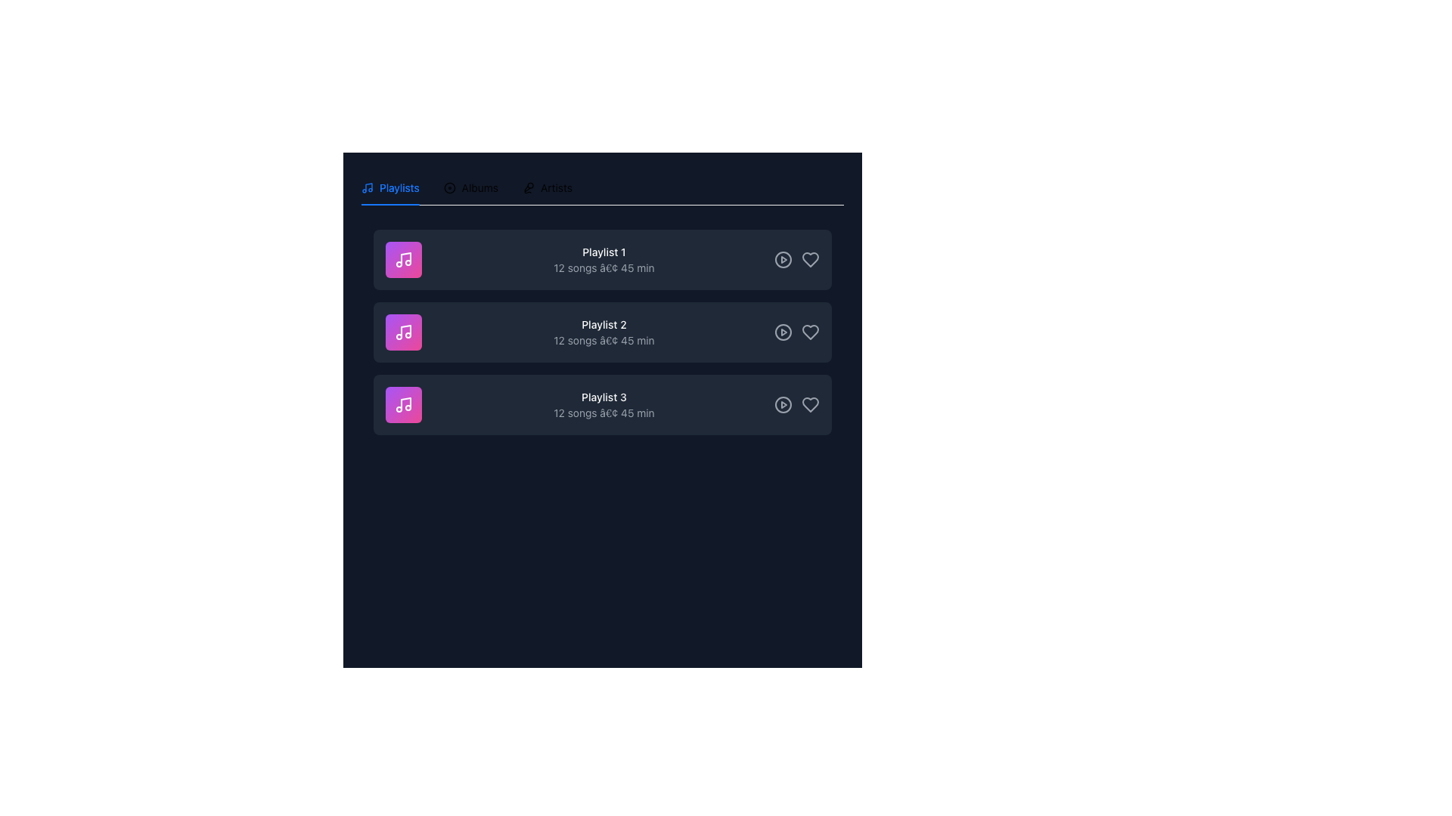 The width and height of the screenshot is (1452, 816). I want to click on the text display element that shows 'Playlist 1' in white bold font and '12 songs • 45 min' in gray smaller font, located in the first item of a vertical list, so click(603, 258).